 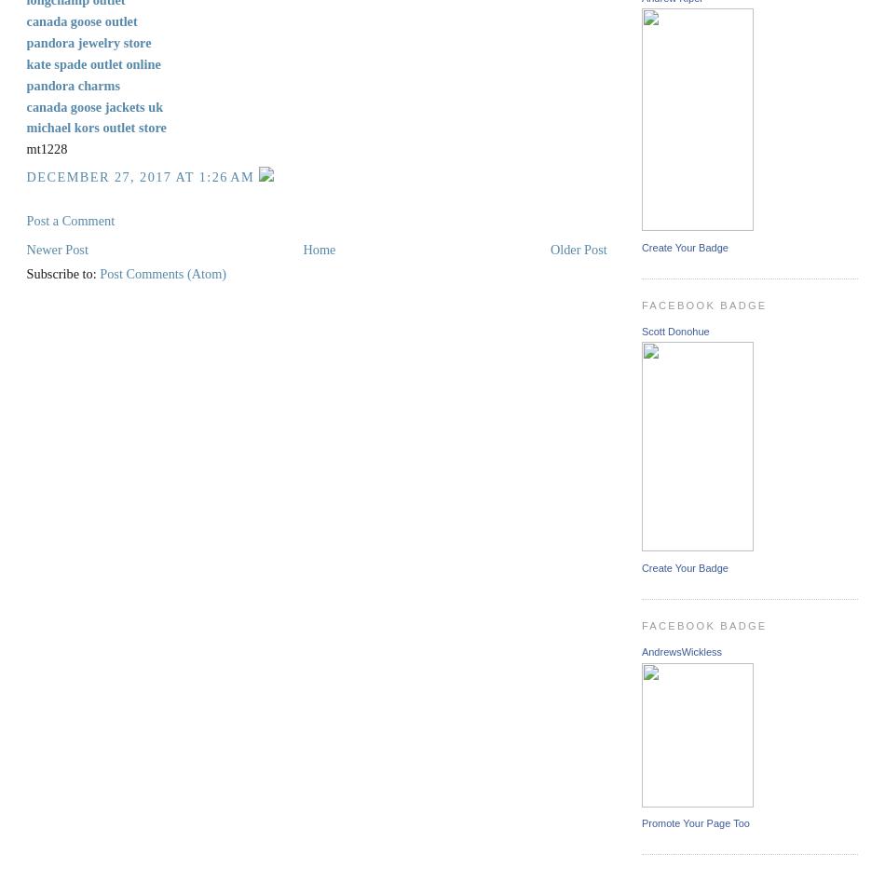 What do you see at coordinates (162, 272) in the screenshot?
I see `'Post Comments (Atom)'` at bounding box center [162, 272].